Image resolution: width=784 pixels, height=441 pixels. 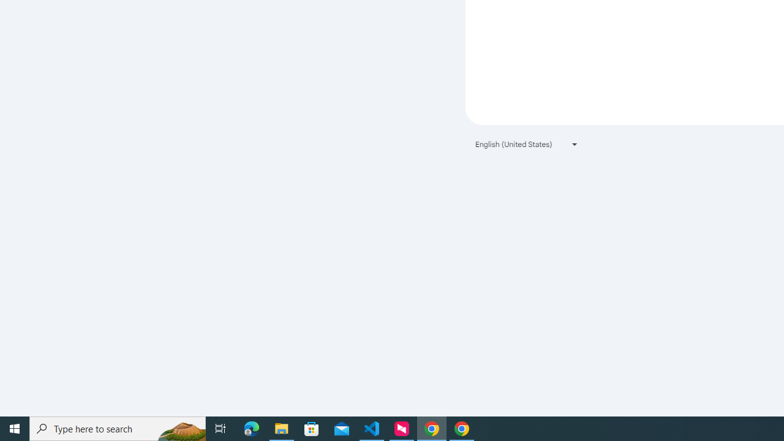 What do you see at coordinates (527, 143) in the screenshot?
I see `'English (United States)'` at bounding box center [527, 143].